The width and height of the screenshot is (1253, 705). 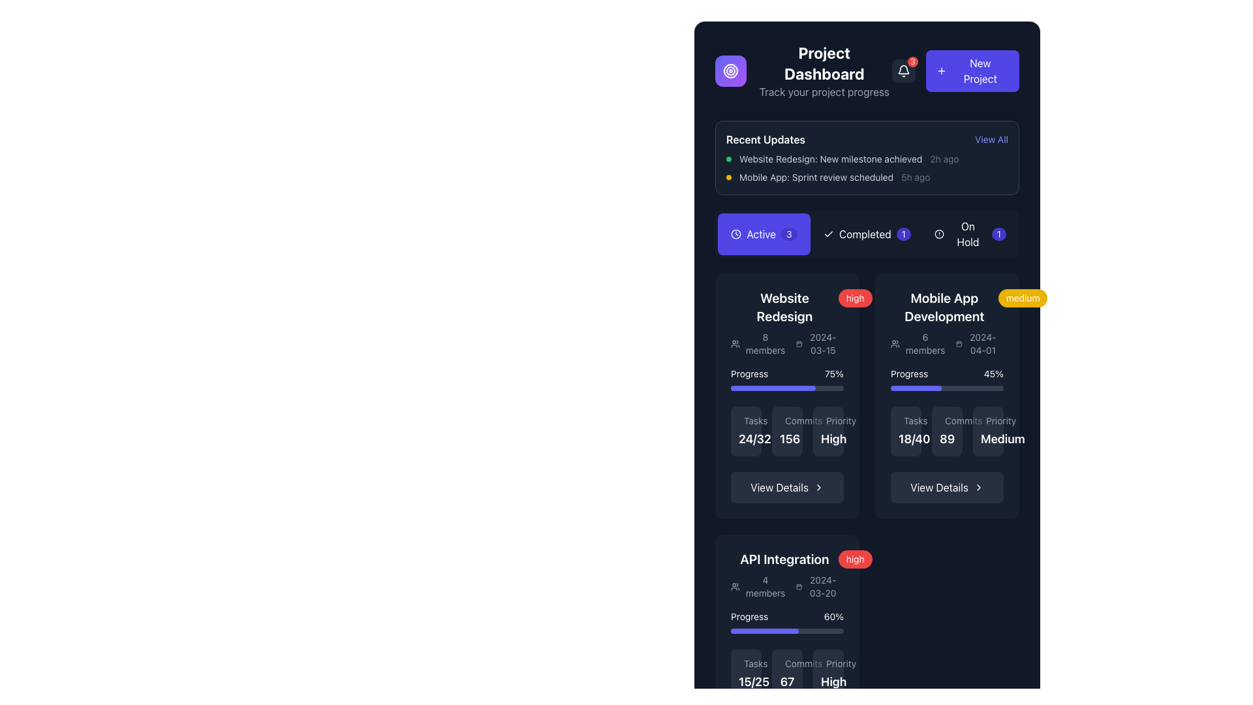 What do you see at coordinates (816, 178) in the screenshot?
I see `the text label displaying 'Mobile App: Sprint review scheduled' located in the 'Recent Updates' section of the interface` at bounding box center [816, 178].